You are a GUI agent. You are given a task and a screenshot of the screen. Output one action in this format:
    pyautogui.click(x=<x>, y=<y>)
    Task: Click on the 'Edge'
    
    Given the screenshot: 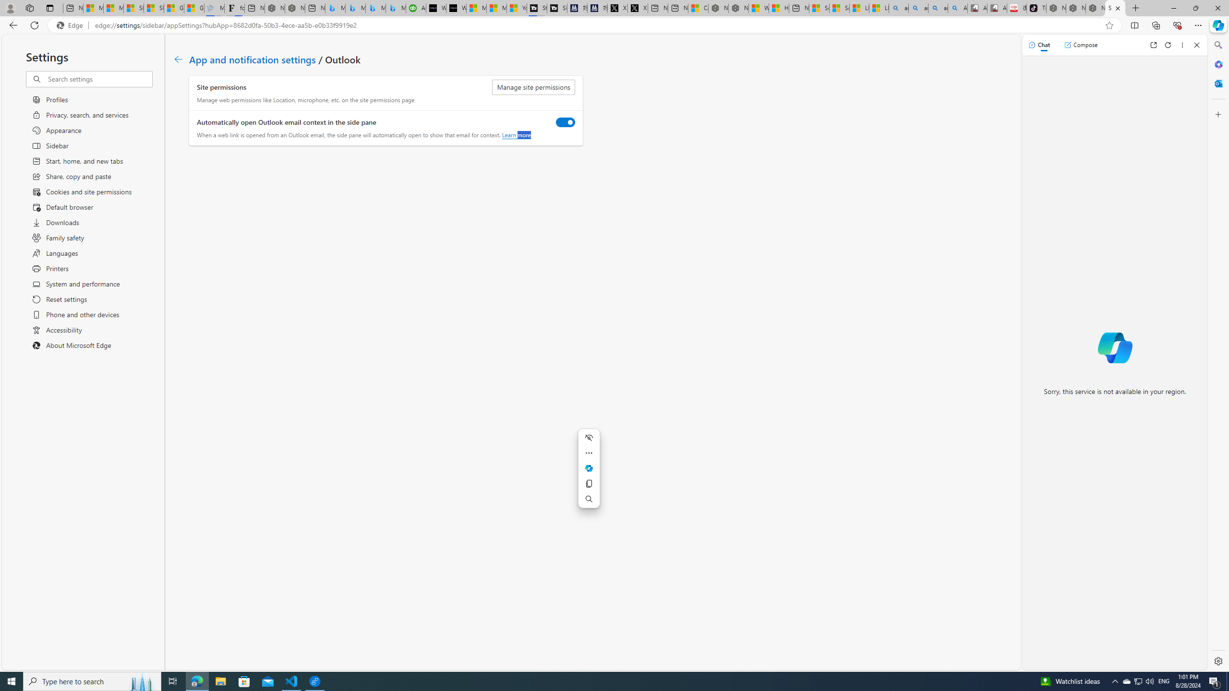 What is the action you would take?
    pyautogui.click(x=71, y=25)
    